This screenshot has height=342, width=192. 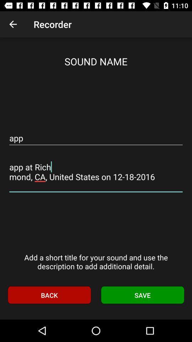 I want to click on item next to the recorder item, so click(x=13, y=24).